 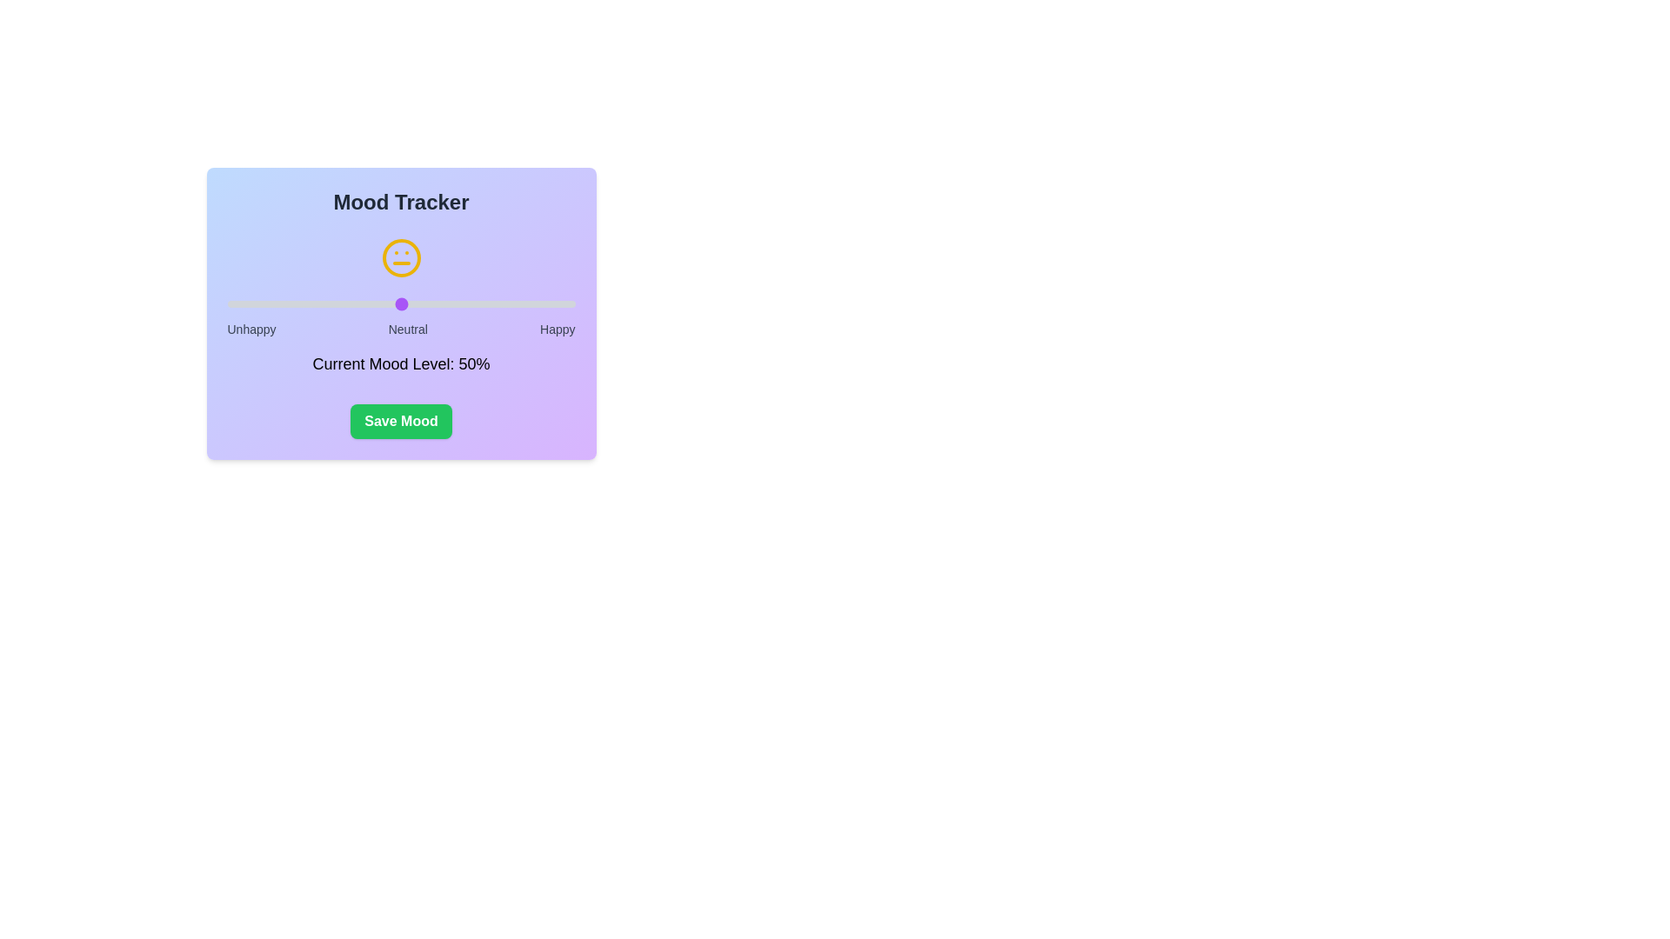 What do you see at coordinates (345, 303) in the screenshot?
I see `the mood slider to set the mood level to 34%` at bounding box center [345, 303].